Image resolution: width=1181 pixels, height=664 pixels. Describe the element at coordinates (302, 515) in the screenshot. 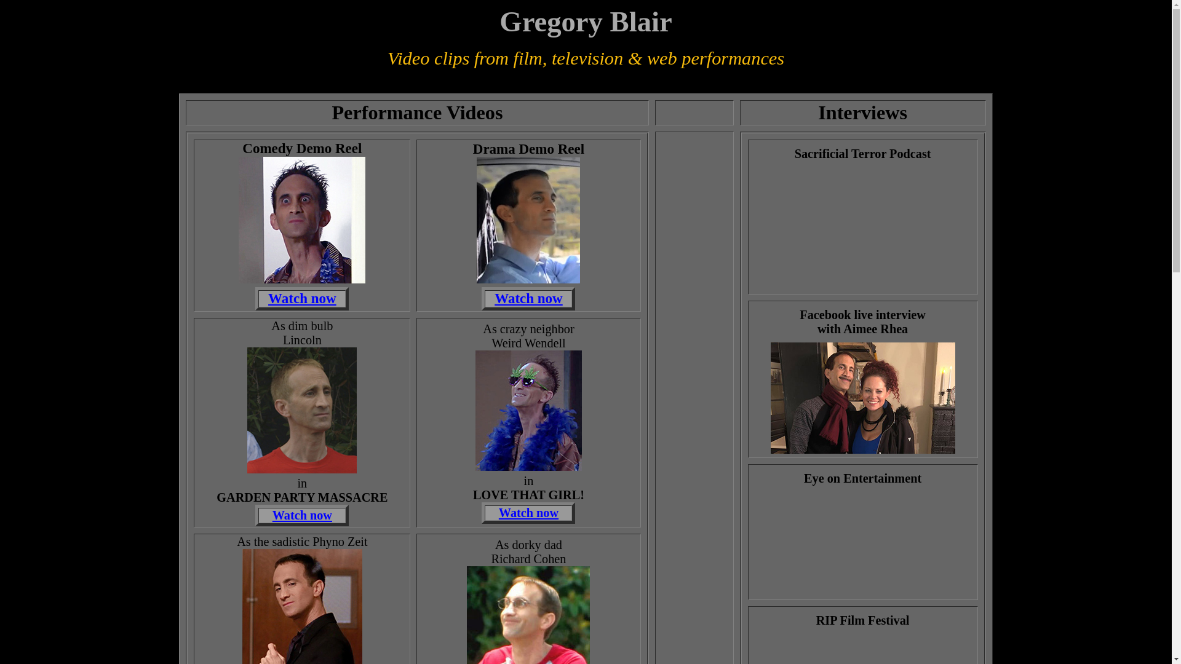

I see `'Watch now'` at that location.